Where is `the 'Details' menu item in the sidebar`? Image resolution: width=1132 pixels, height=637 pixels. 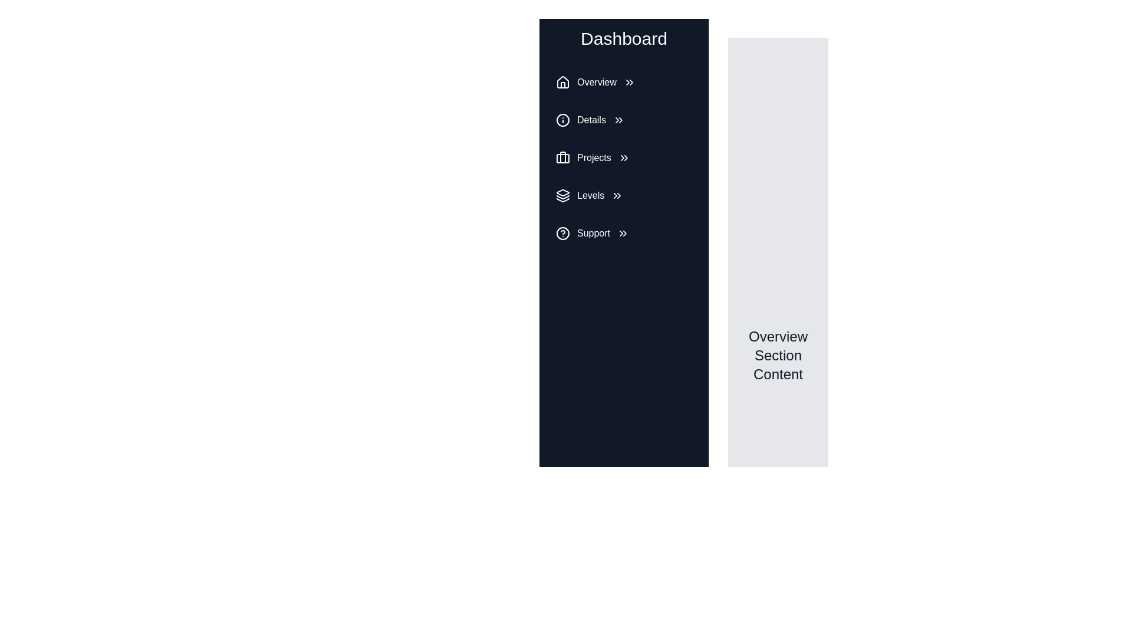 the 'Details' menu item in the sidebar is located at coordinates (623, 120).